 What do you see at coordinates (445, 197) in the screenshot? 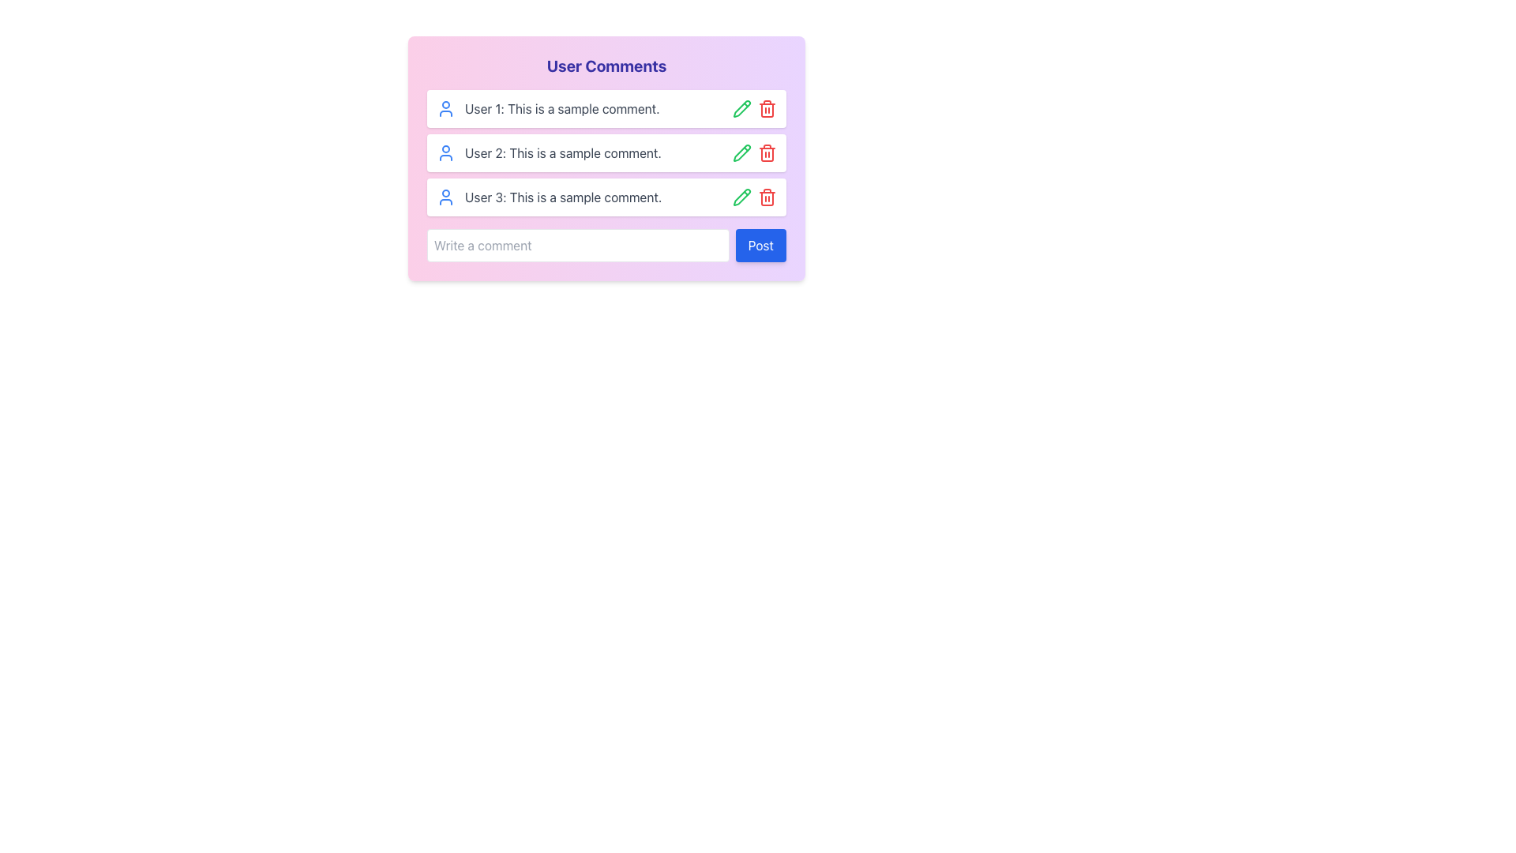
I see `the blue user icon, which features a circular head and a semi-circular body, located at the leftmost side of the third comment block in a vertically stacked list of comments` at bounding box center [445, 197].